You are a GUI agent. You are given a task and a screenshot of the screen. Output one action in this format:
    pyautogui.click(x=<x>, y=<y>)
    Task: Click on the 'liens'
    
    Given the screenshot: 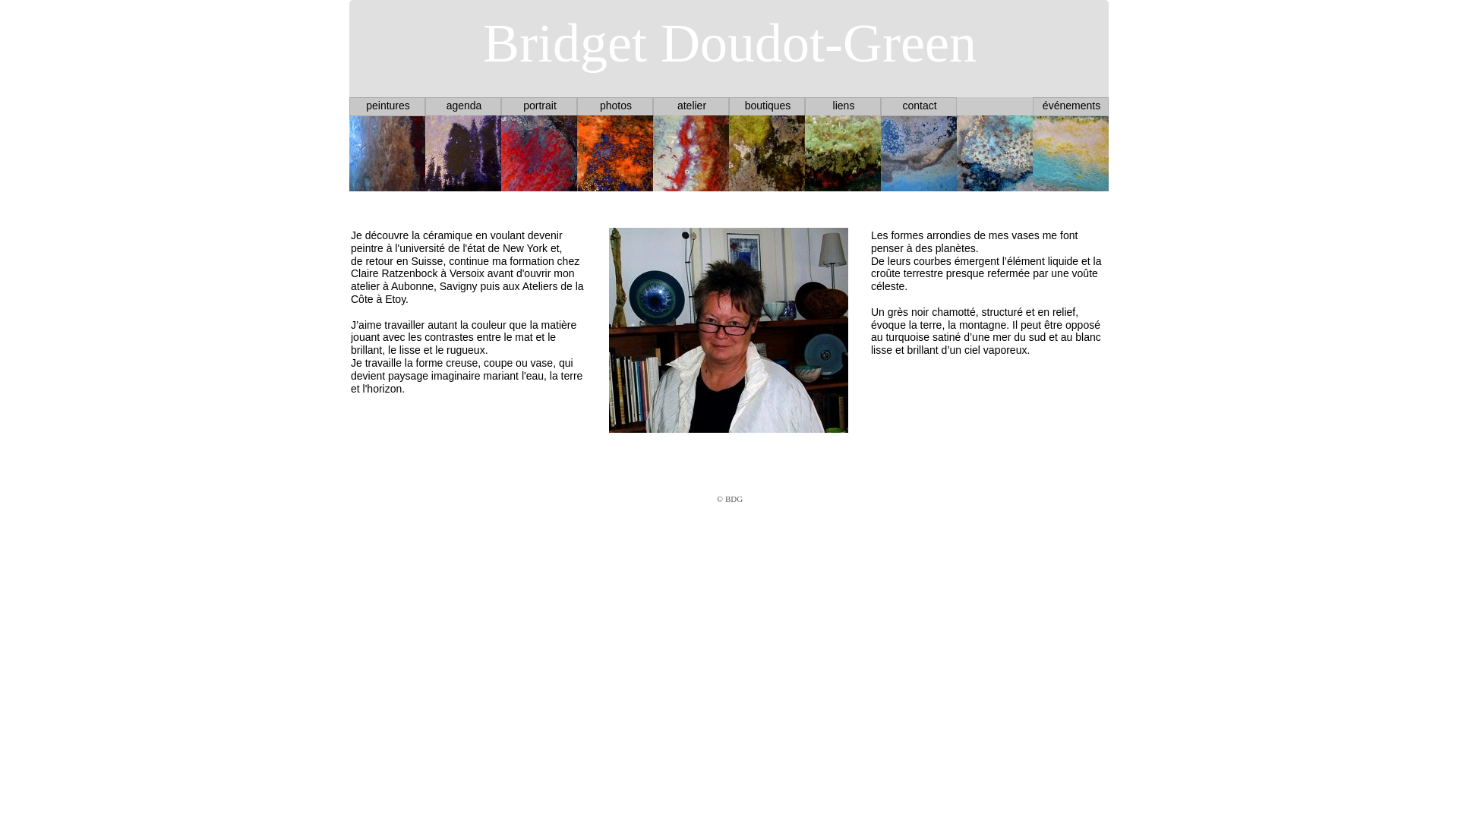 What is the action you would take?
    pyautogui.click(x=843, y=104)
    